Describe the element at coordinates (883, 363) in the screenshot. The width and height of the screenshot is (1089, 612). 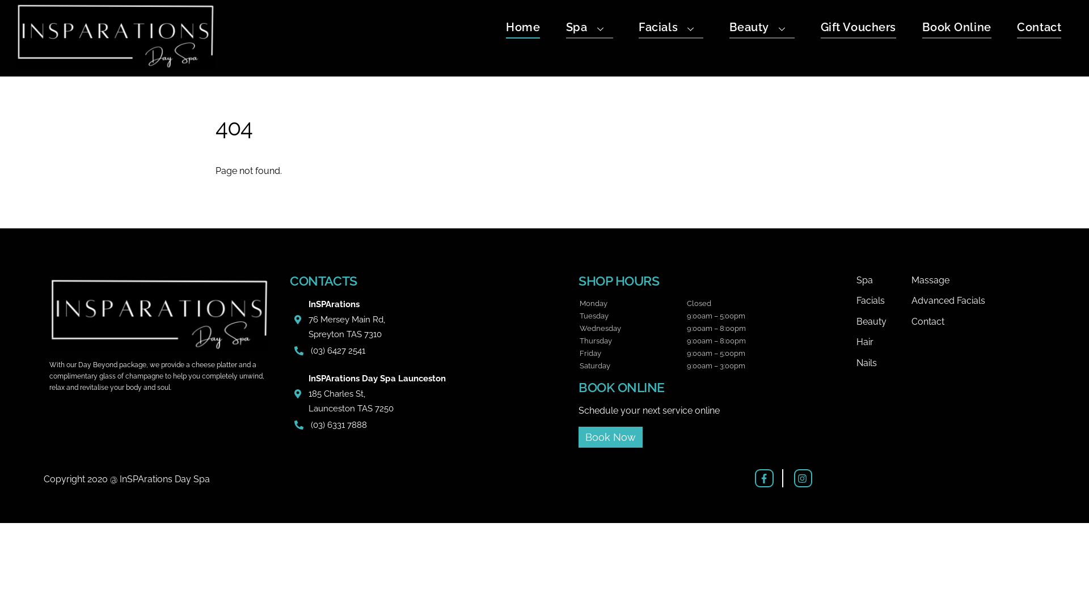
I see `'Nails'` at that location.